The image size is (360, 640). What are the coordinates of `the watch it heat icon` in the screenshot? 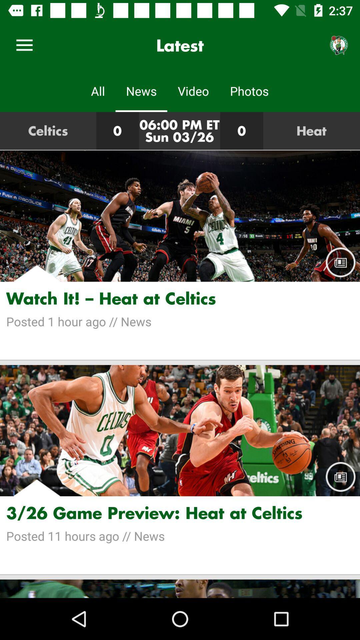 It's located at (180, 298).